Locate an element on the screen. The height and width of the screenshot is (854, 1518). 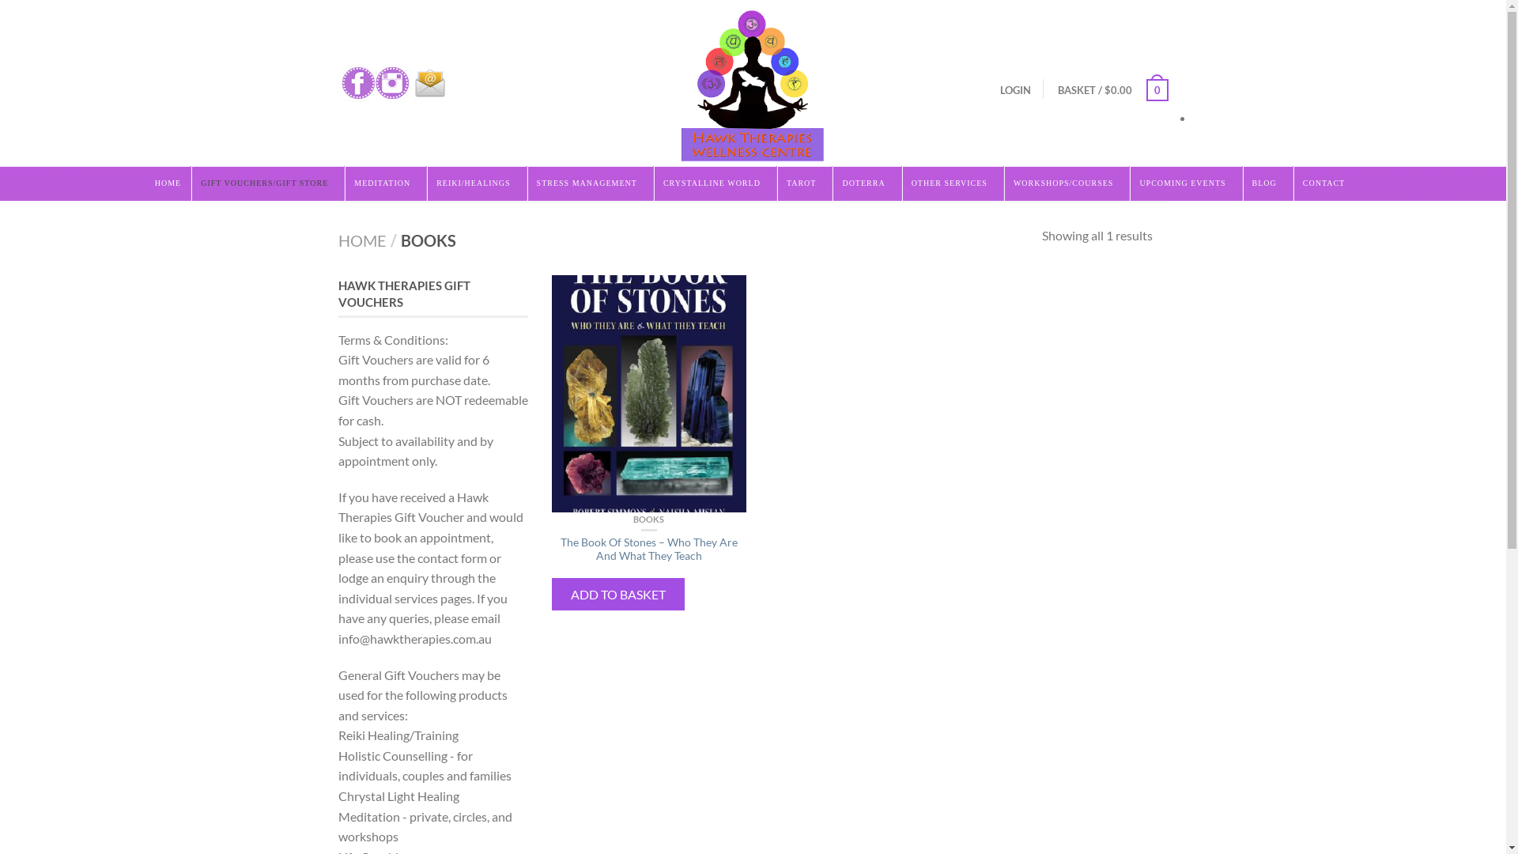
'ADD TO BASKET' is located at coordinates (617, 594).